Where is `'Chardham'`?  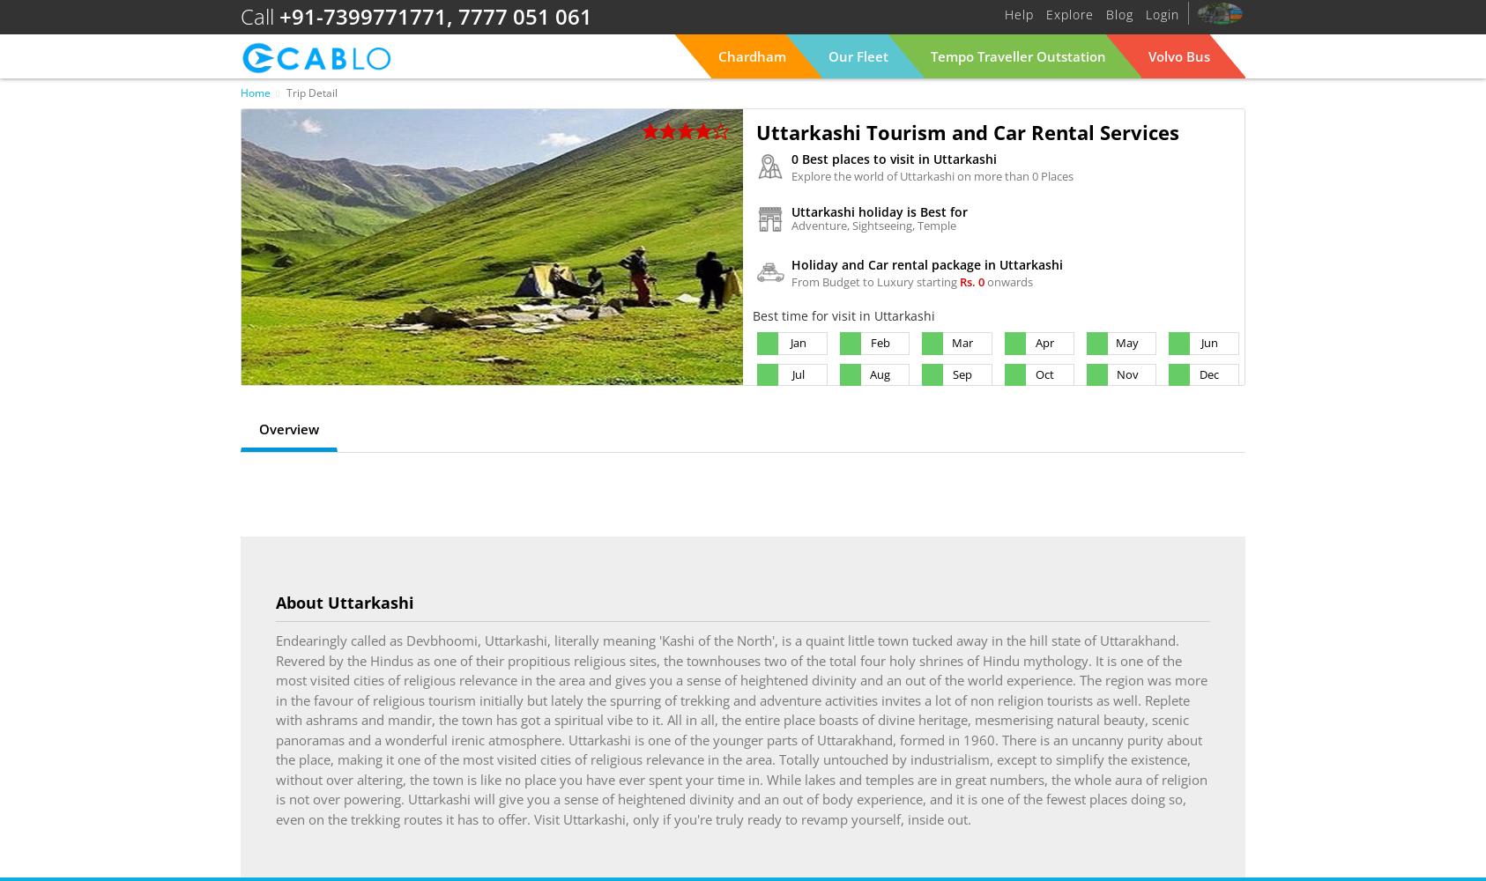 'Chardham' is located at coordinates (751, 55).